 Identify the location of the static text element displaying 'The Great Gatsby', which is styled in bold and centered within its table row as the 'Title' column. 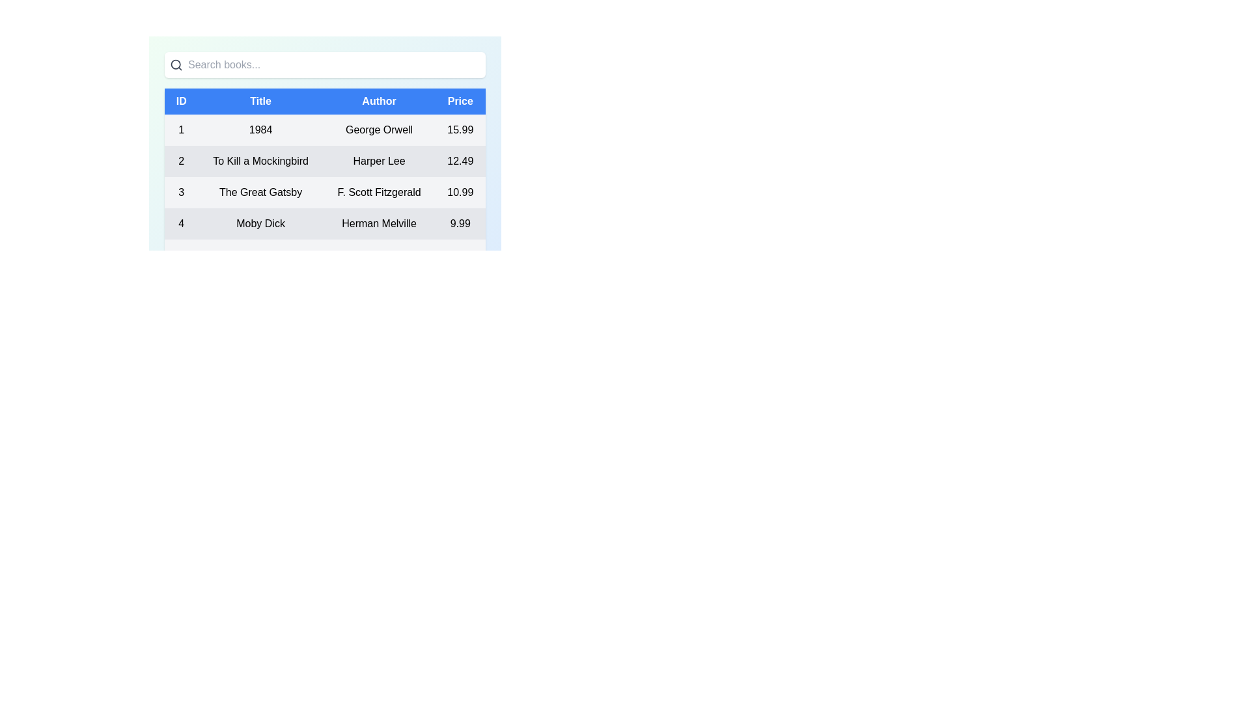
(260, 193).